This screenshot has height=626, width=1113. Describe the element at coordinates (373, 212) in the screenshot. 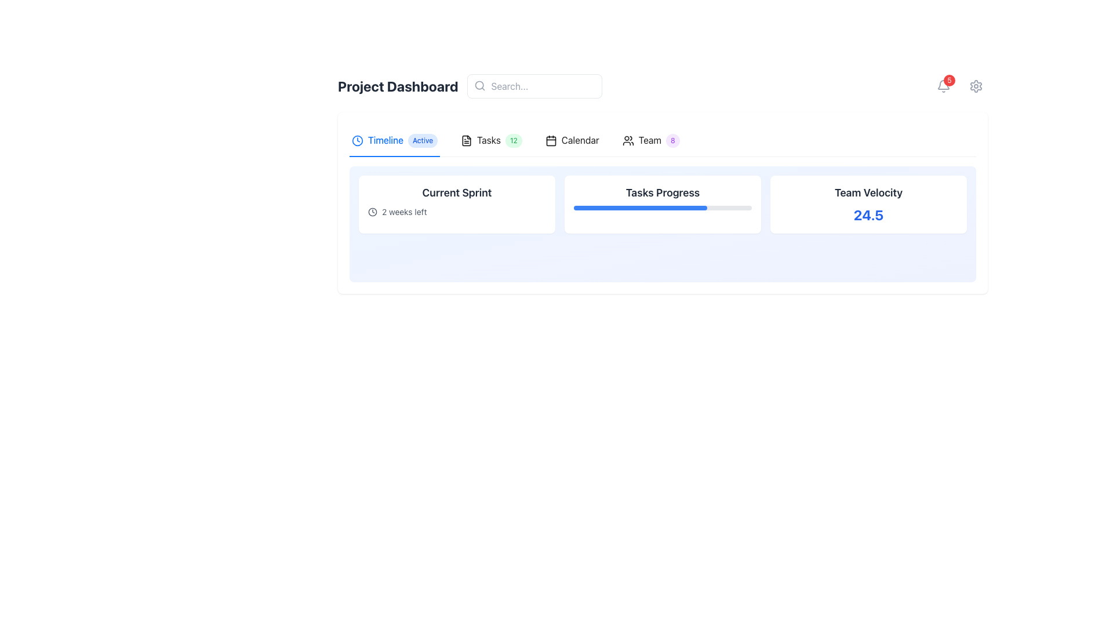

I see `the circular clock icon located to the left of the text '2 weeks left' in the 'Current Sprint' card` at that location.